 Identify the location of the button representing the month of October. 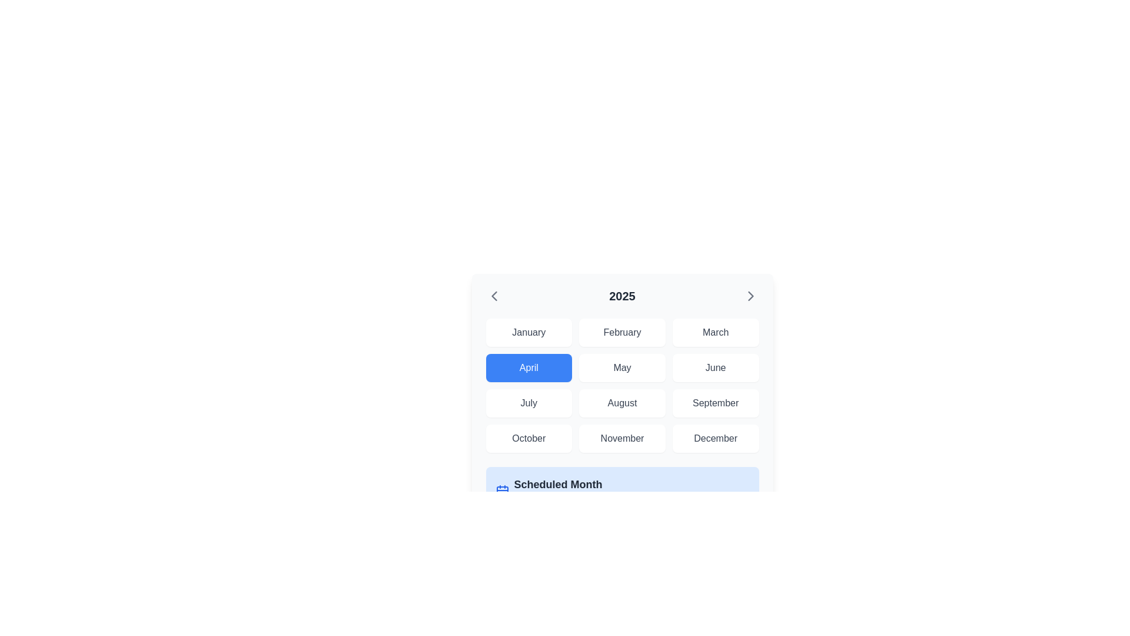
(528, 438).